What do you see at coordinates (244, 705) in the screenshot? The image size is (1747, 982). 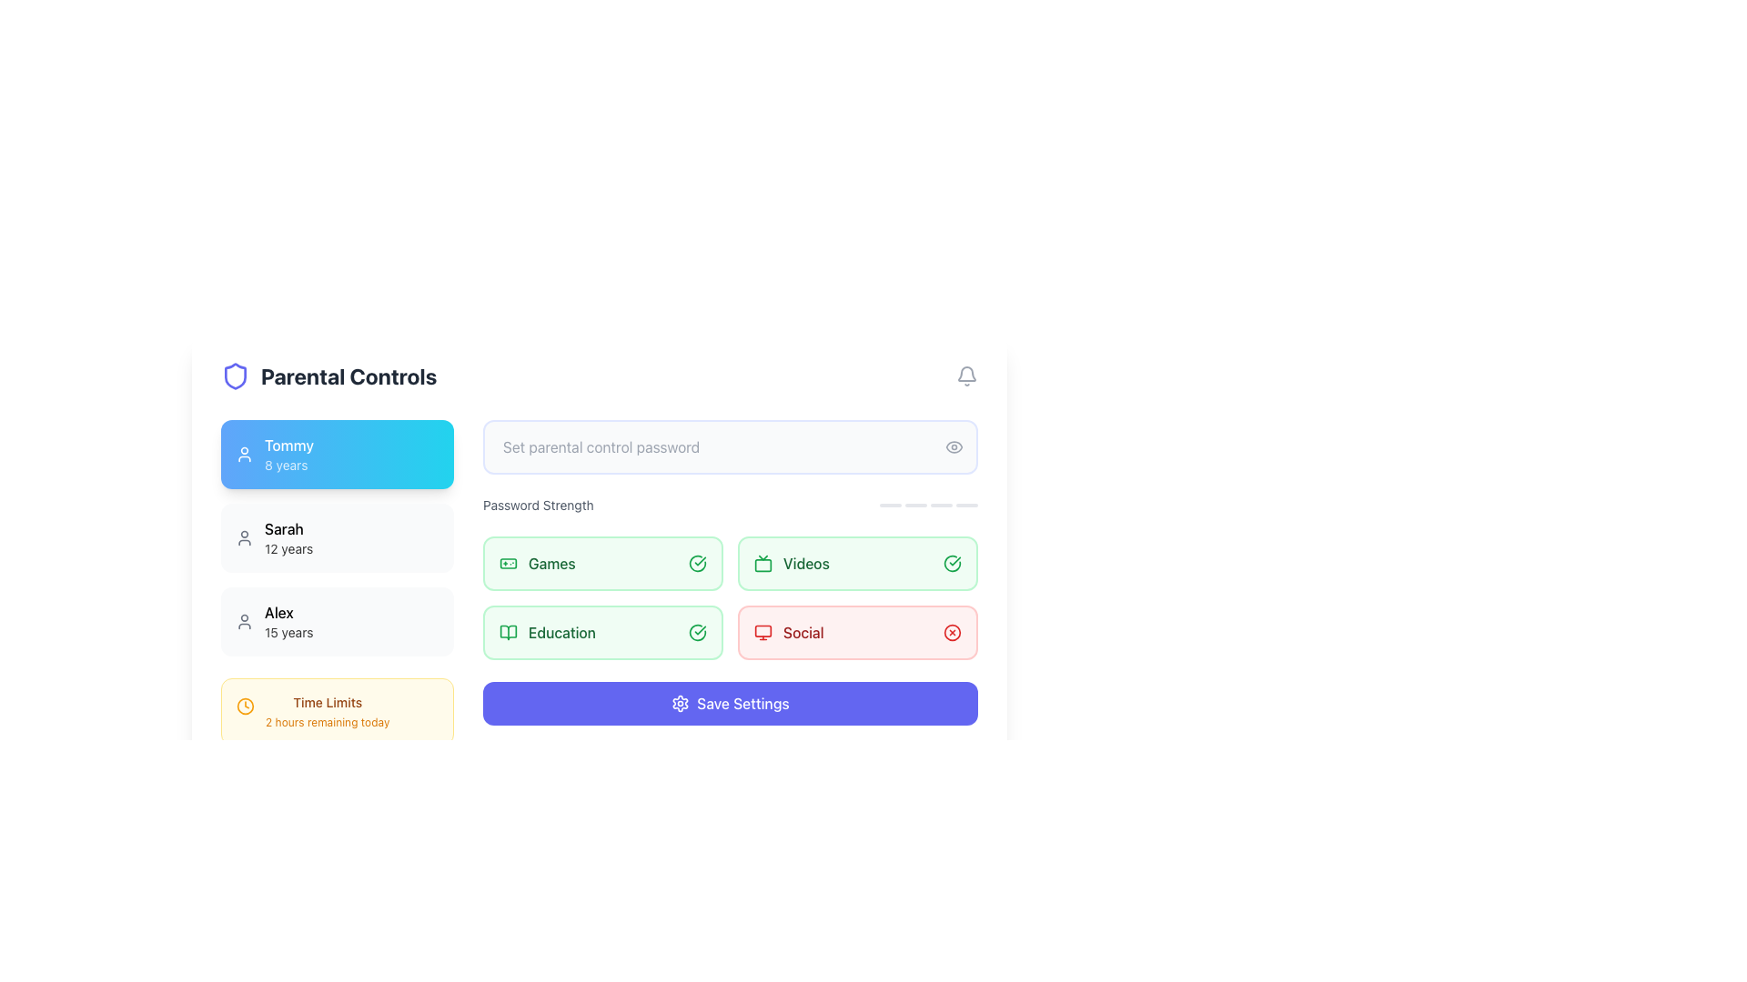 I see `the clock icon, which is a bold, orange circular outline with a clock hand, located in the left sidebar near the bottom of the yellow card labeled 'Time Limits 2 hours remaining today.'` at bounding box center [244, 705].